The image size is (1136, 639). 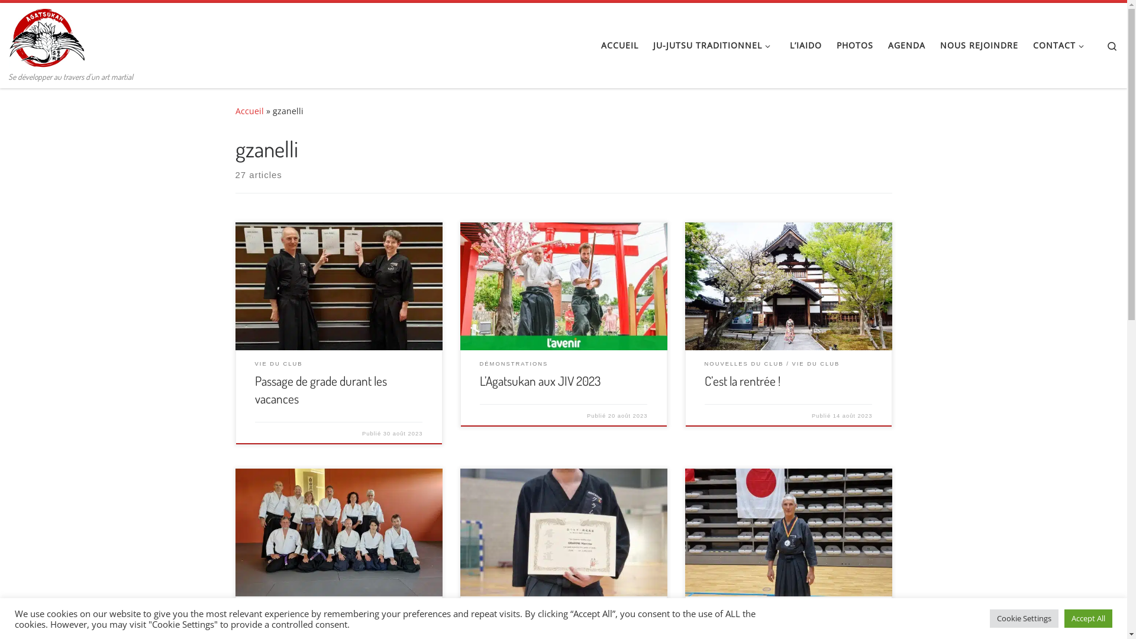 I want to click on 'Search', so click(x=1111, y=44).